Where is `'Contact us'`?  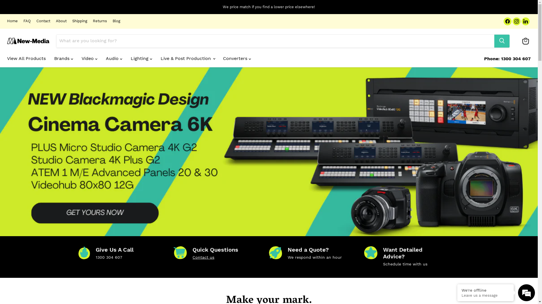
'Contact us' is located at coordinates (203, 257).